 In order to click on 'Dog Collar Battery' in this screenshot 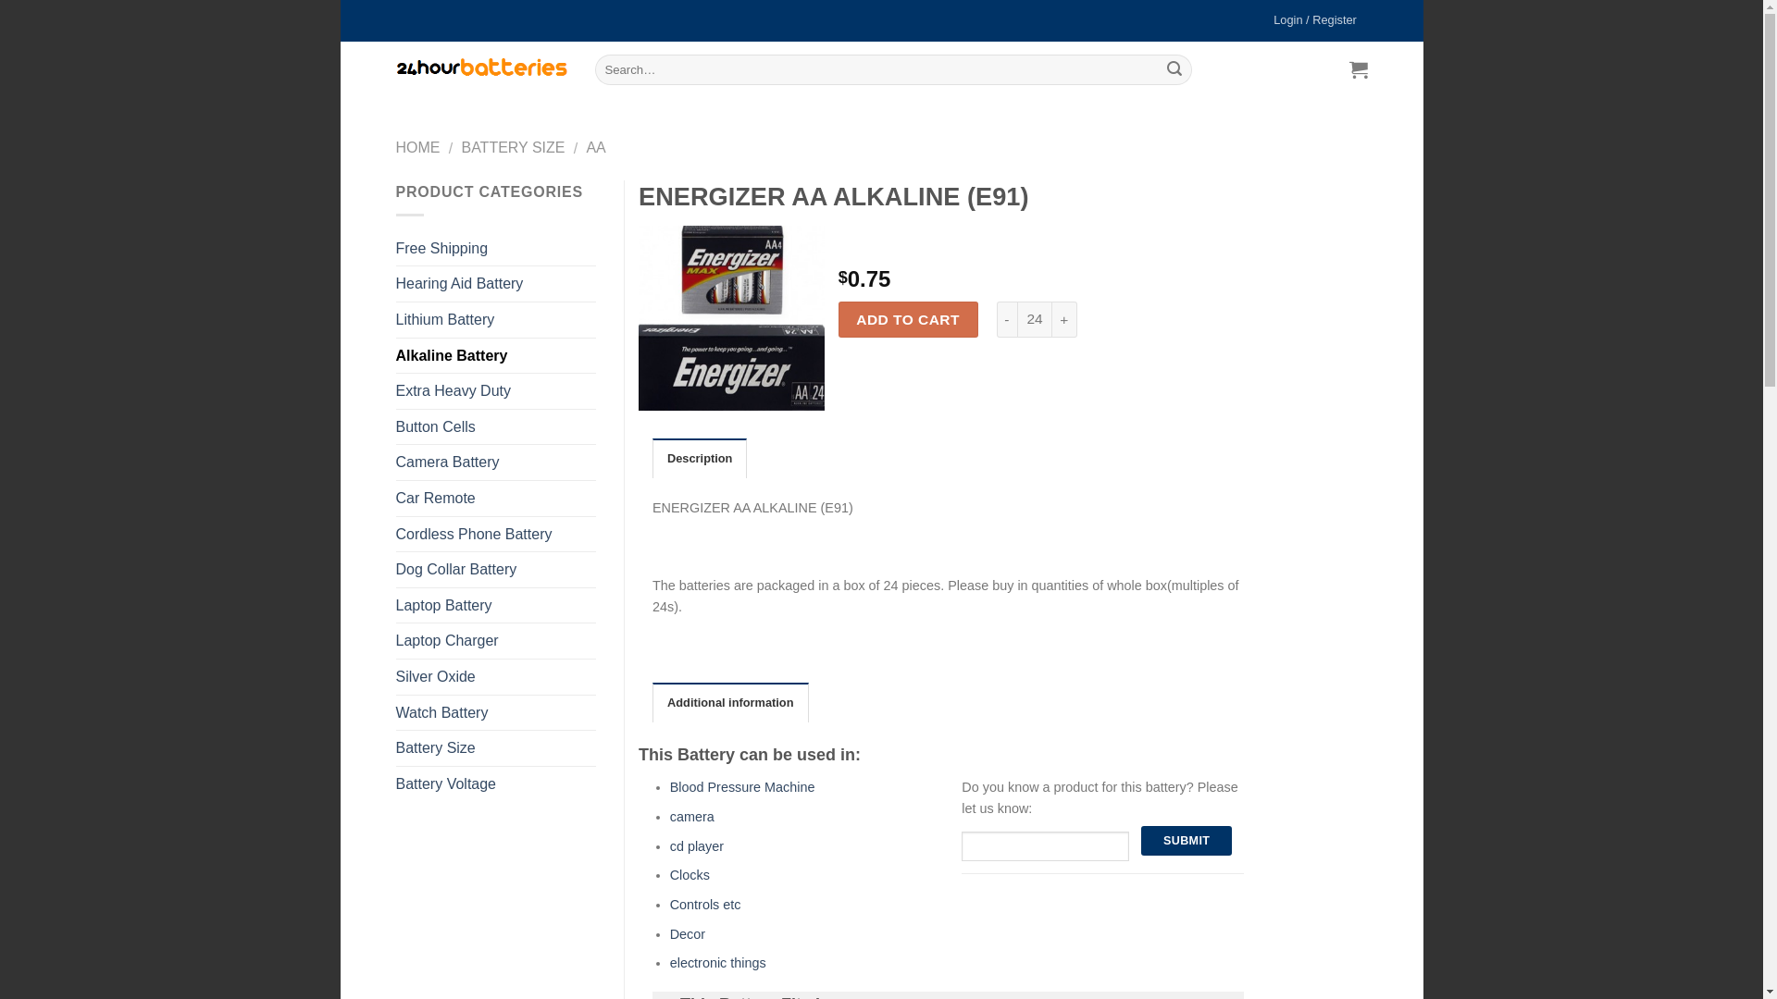, I will do `click(496, 569)`.